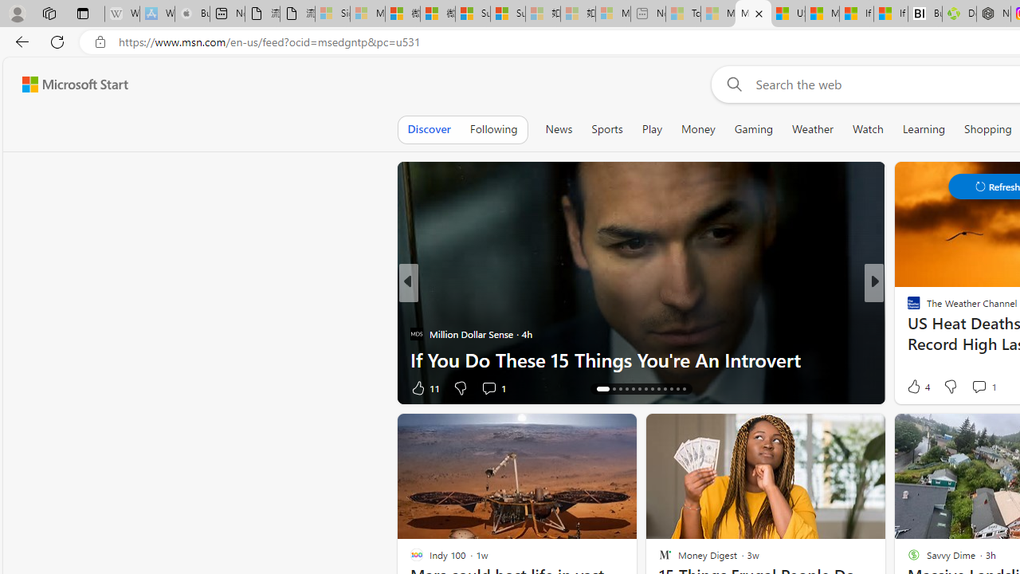 This screenshot has width=1020, height=574. What do you see at coordinates (836, 432) in the screenshot?
I see `'Hide this story'` at bounding box center [836, 432].